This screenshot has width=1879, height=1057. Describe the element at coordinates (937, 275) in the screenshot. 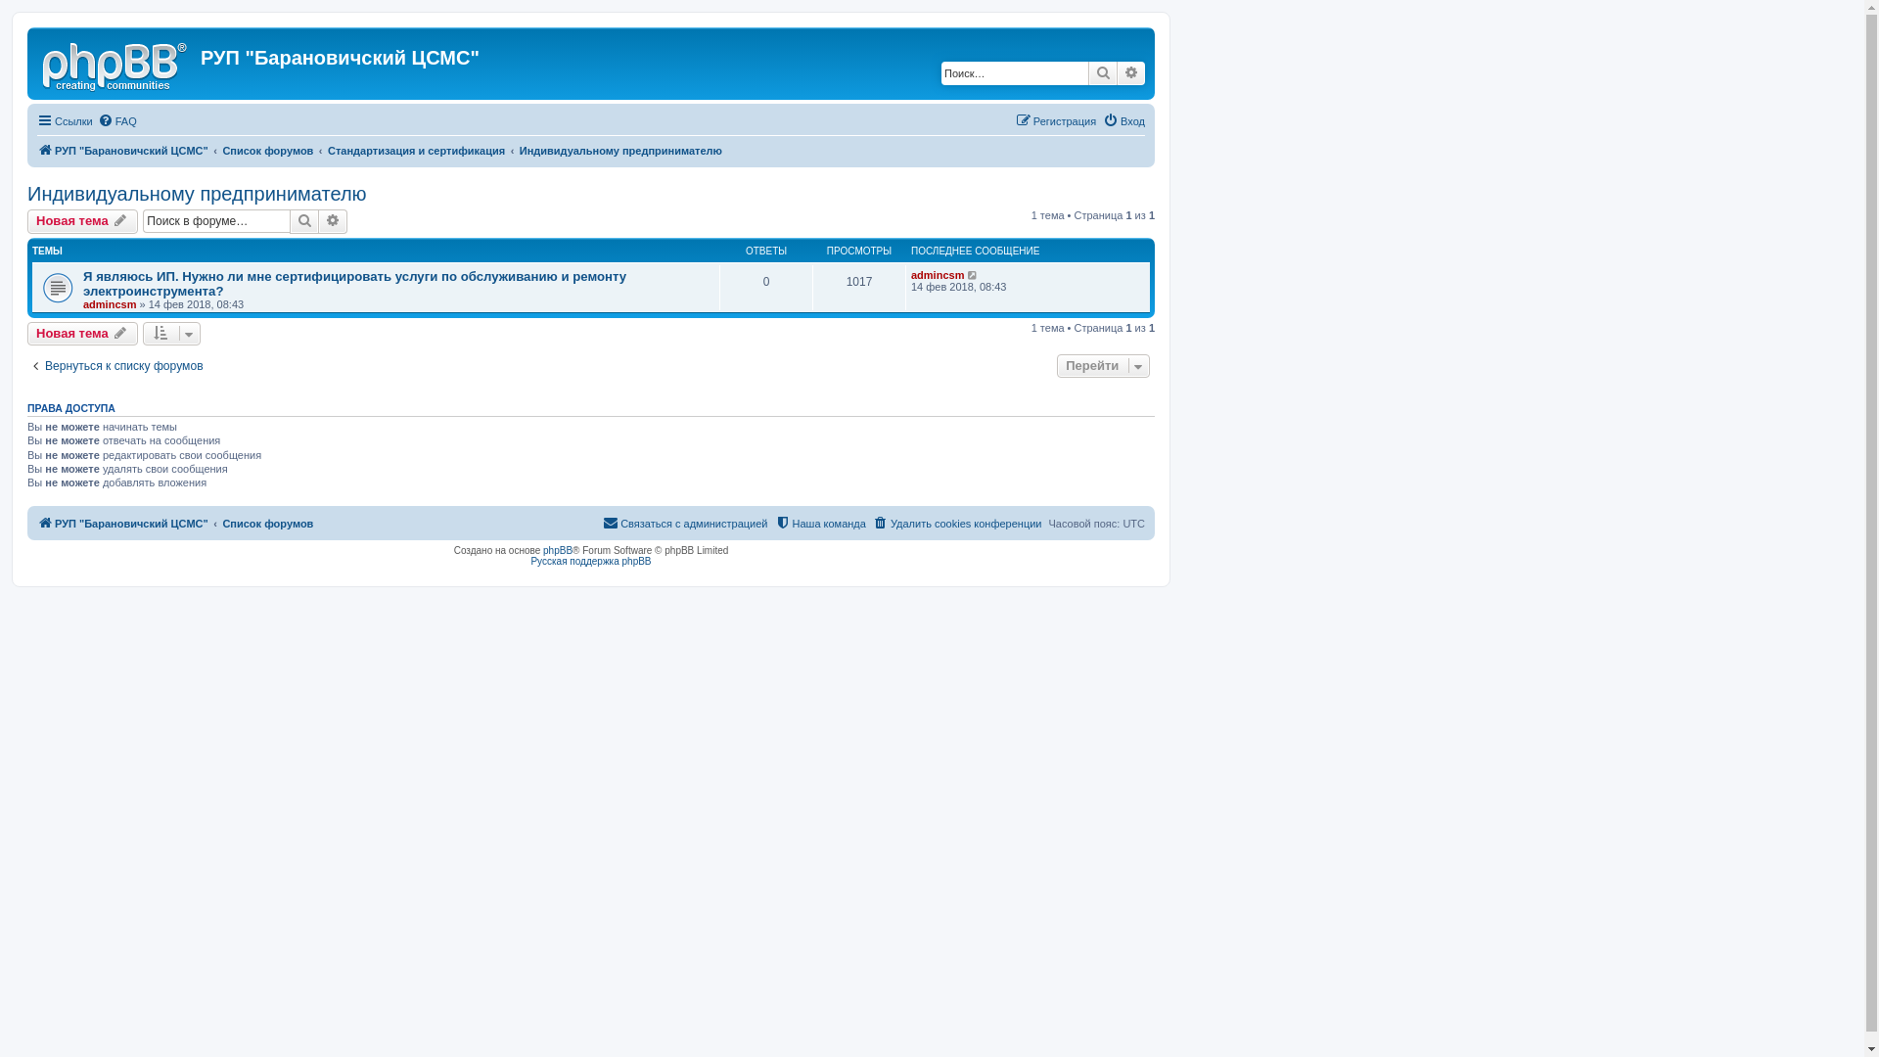

I see `'admincsm'` at that location.